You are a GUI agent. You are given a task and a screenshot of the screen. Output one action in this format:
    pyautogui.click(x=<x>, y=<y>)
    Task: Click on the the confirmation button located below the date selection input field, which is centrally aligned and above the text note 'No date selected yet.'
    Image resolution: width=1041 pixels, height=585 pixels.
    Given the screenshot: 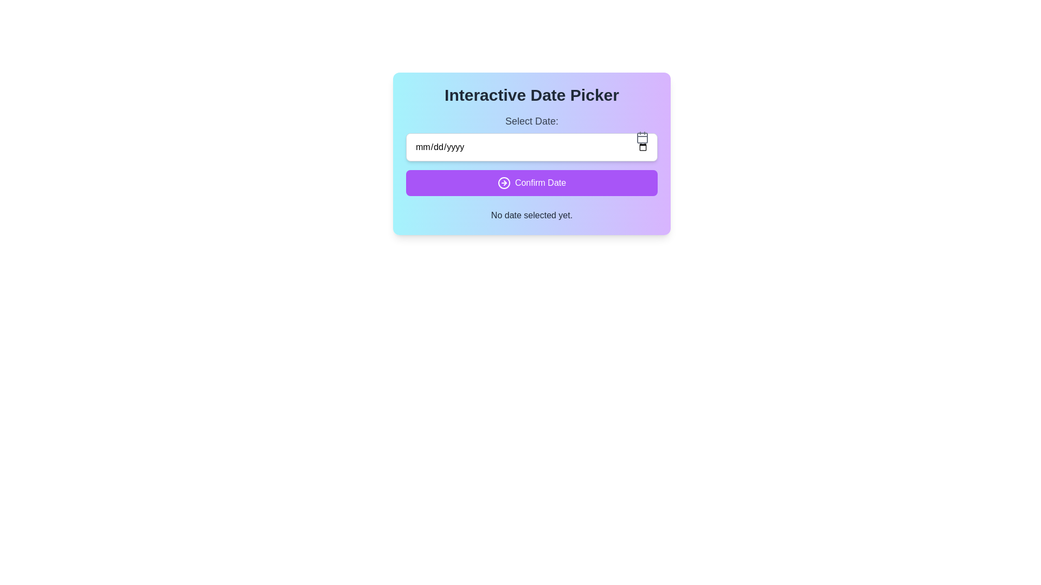 What is the action you would take?
    pyautogui.click(x=531, y=183)
    